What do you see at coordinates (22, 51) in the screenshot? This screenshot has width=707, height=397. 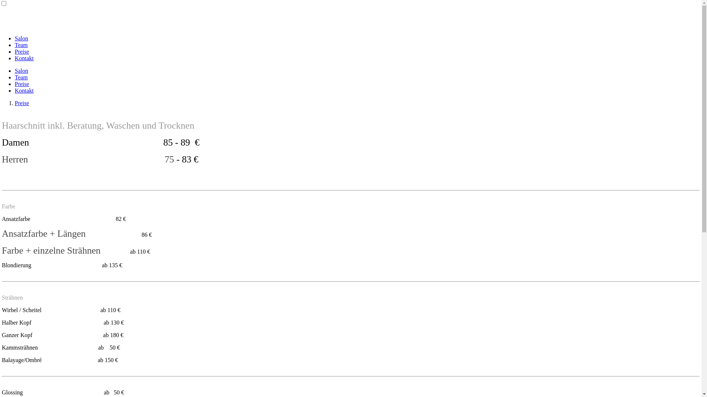 I see `'Preise'` at bounding box center [22, 51].